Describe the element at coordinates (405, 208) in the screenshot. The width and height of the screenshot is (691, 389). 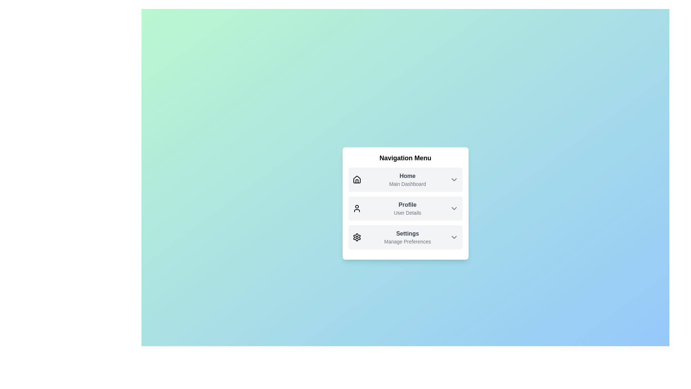
I see `the menu item Profile to observe its hover effect` at that location.